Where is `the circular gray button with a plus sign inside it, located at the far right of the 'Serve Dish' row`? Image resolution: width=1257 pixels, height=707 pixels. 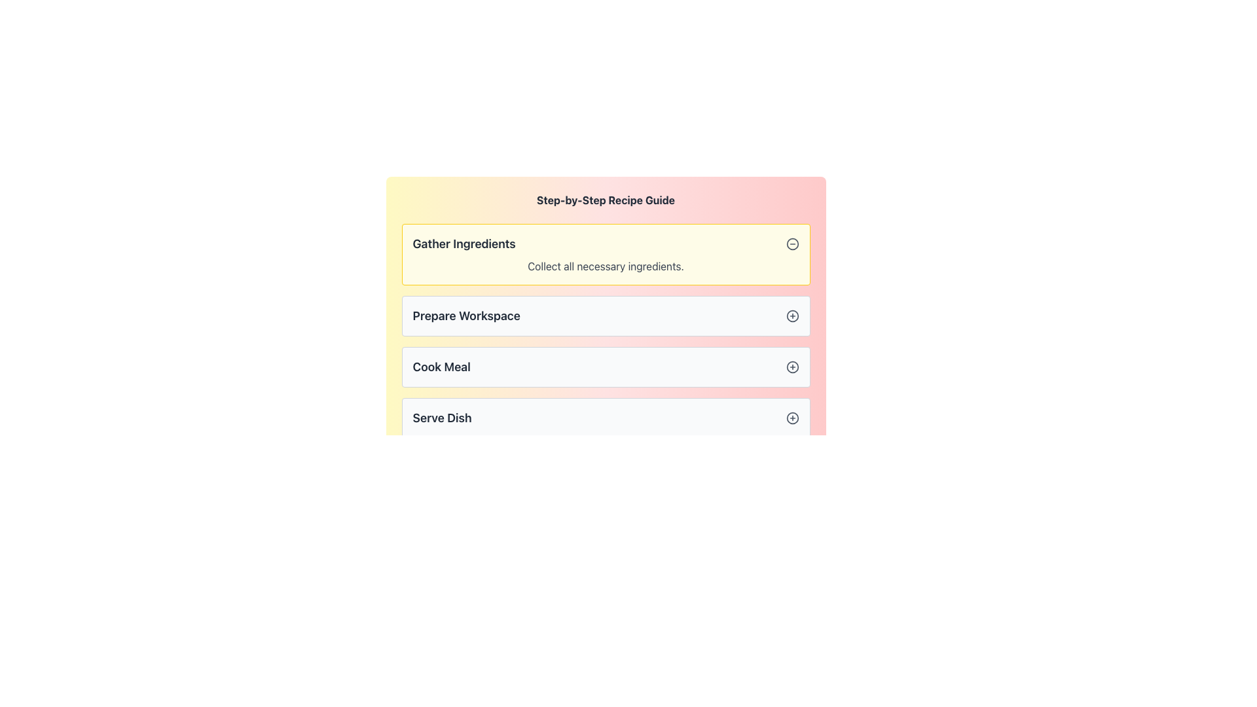 the circular gray button with a plus sign inside it, located at the far right of the 'Serve Dish' row is located at coordinates (792, 418).